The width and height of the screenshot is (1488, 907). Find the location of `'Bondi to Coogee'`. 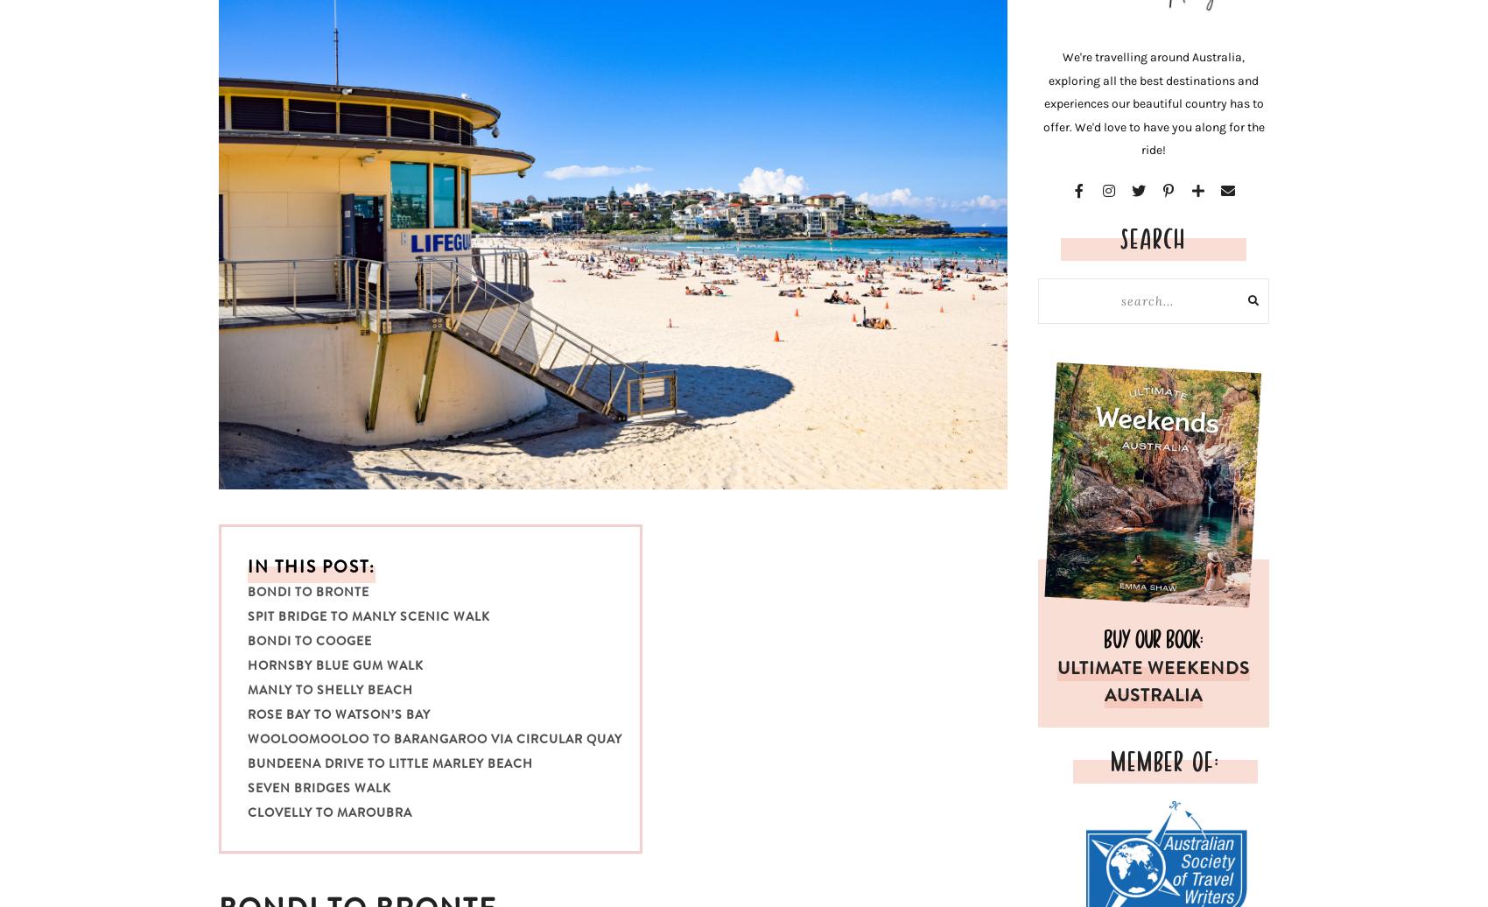

'Bondi to Coogee' is located at coordinates (308, 641).